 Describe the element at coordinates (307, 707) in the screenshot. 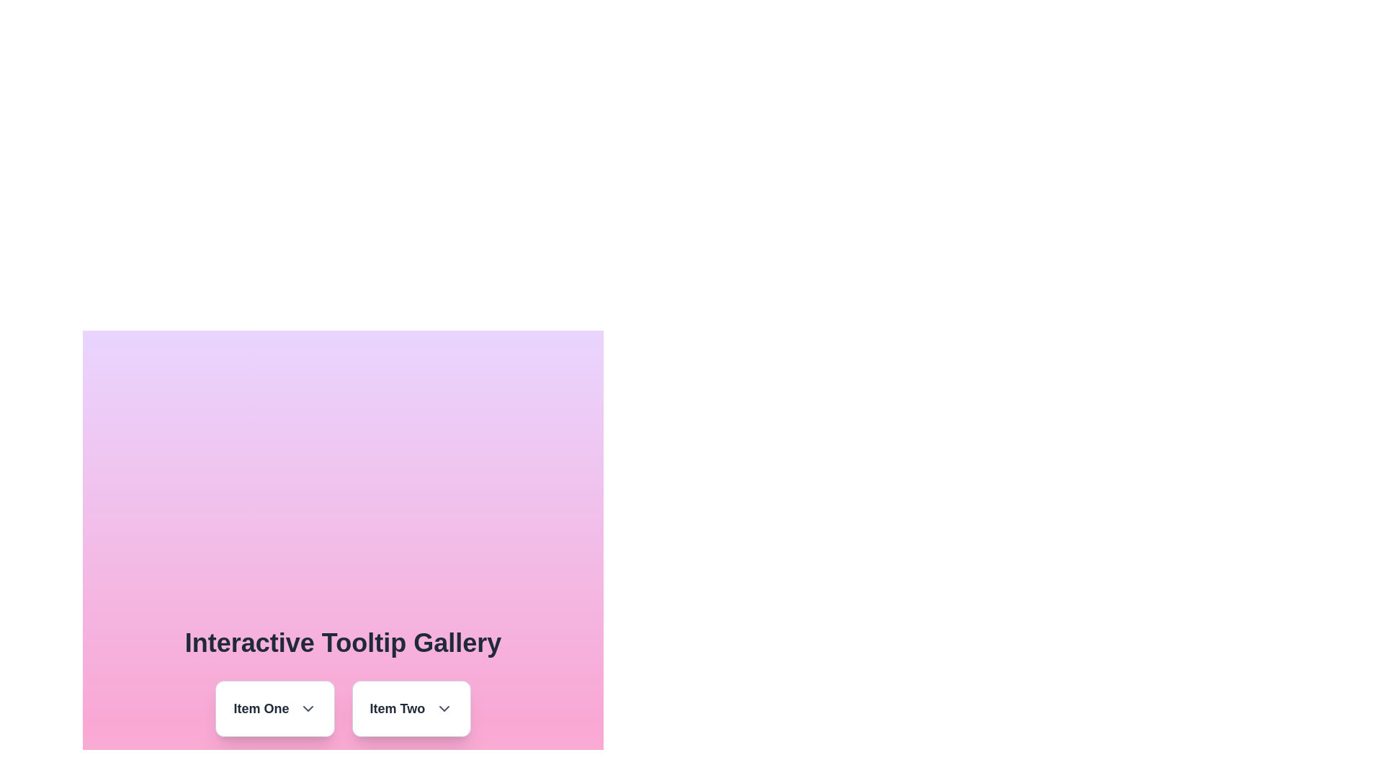

I see `the downward-pointing gray chevron icon located within the 'Item One' button on the left side of the interface` at that location.